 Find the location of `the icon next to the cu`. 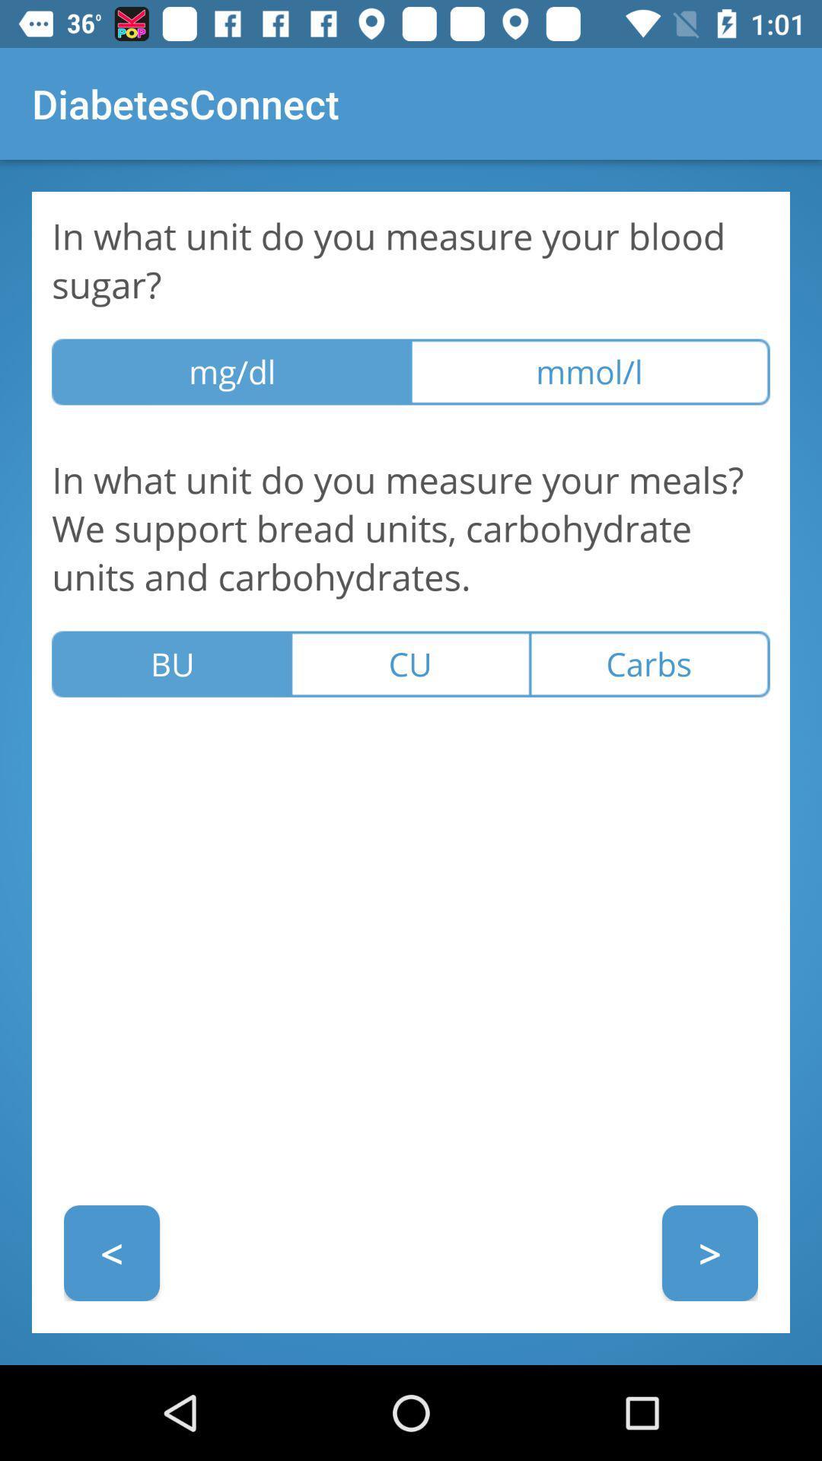

the icon next to the cu is located at coordinates (650, 664).